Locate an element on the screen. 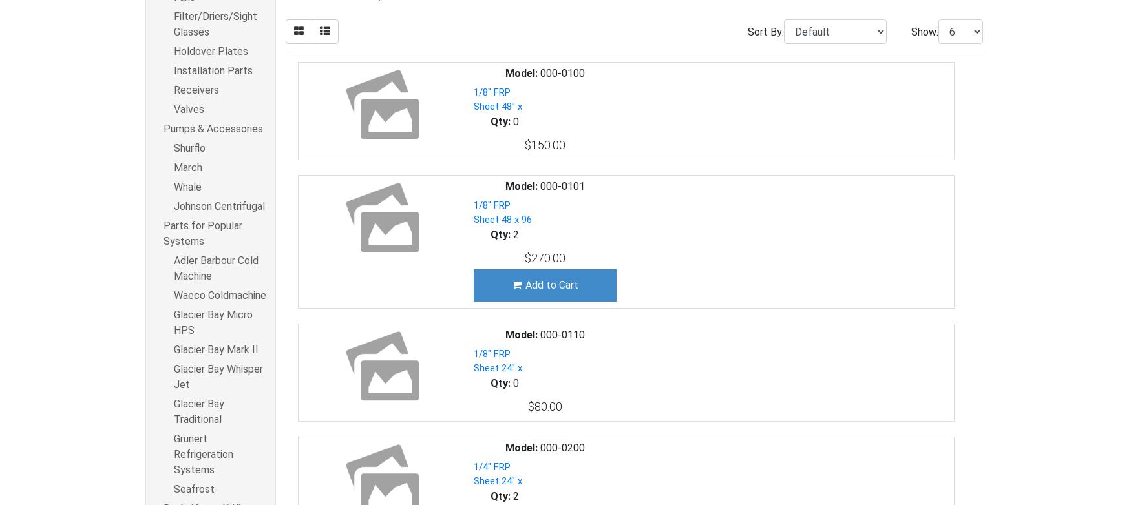  'Installation Parts' is located at coordinates (213, 70).